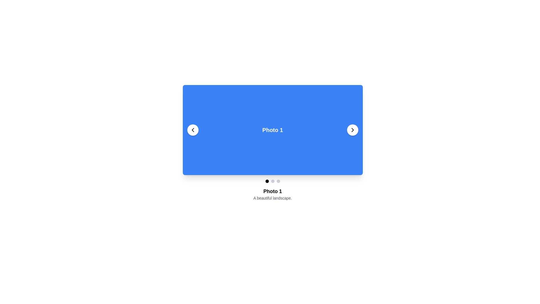  I want to click on the leftmost black circular indicator located below the text labeled 'Photo 1', so click(267, 181).